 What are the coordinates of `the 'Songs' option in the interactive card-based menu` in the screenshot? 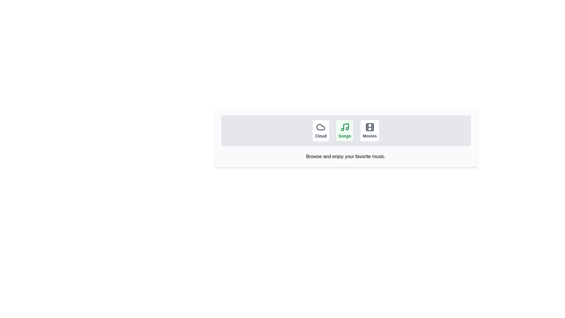 It's located at (346, 138).